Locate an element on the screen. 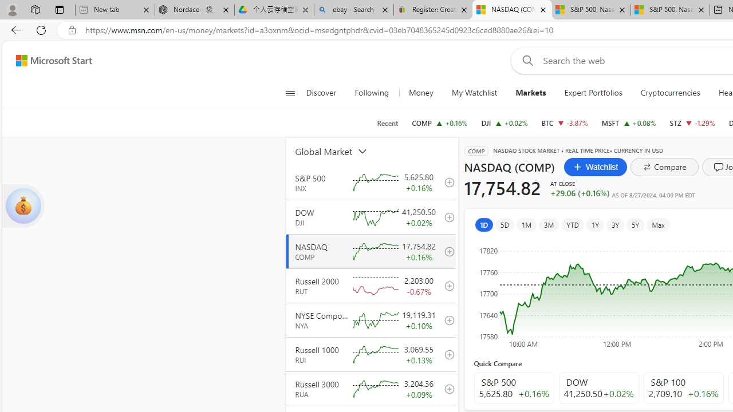  'Max' is located at coordinates (658, 224).